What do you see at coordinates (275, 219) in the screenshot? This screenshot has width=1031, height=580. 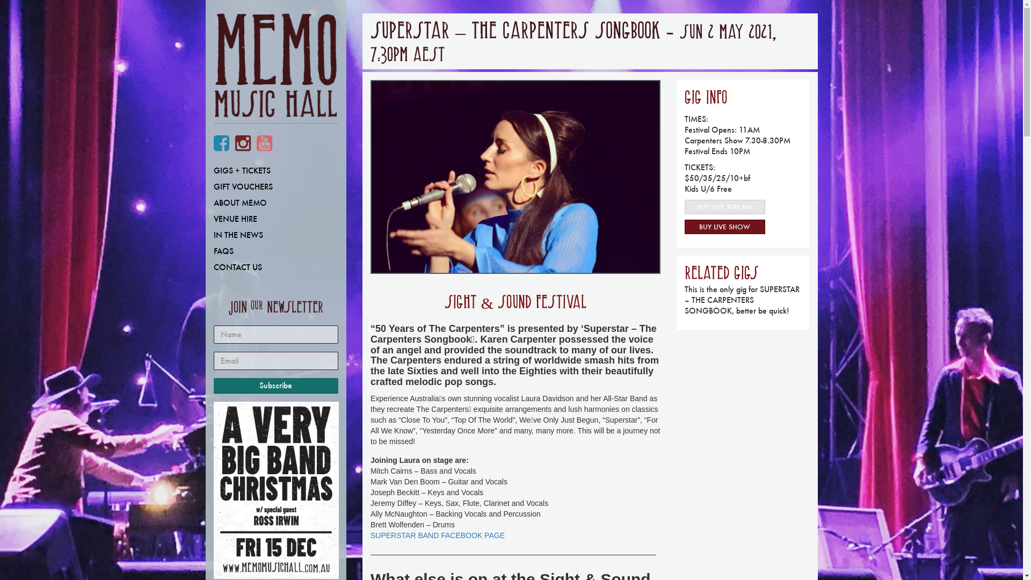 I see `'VENUE HIRE'` at bounding box center [275, 219].